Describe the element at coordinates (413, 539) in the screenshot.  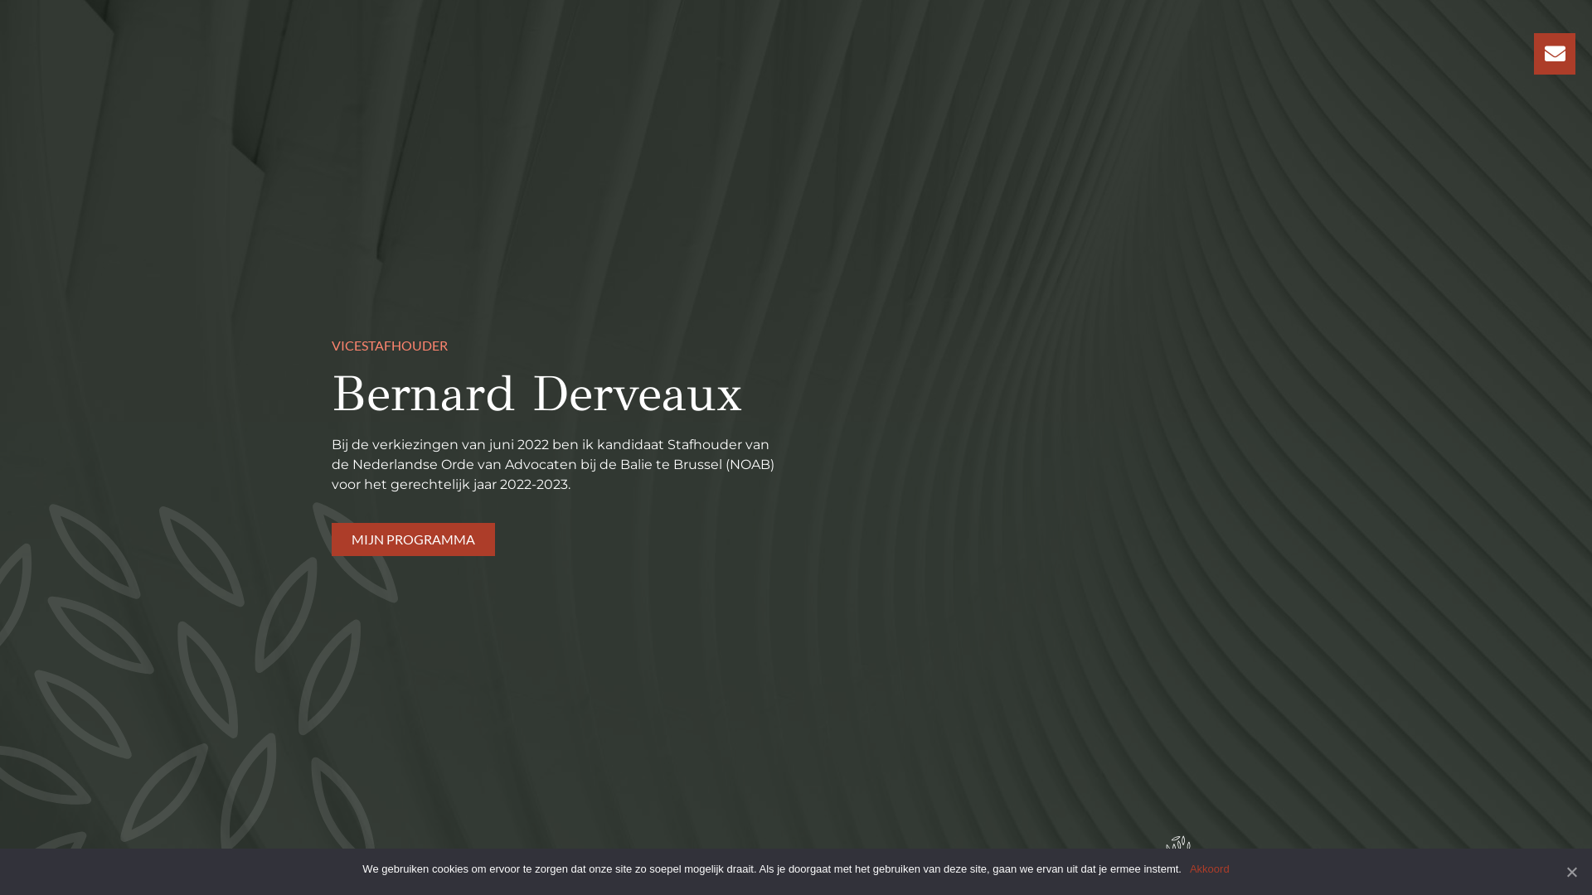
I see `'MIJN PROGRAMMA'` at that location.